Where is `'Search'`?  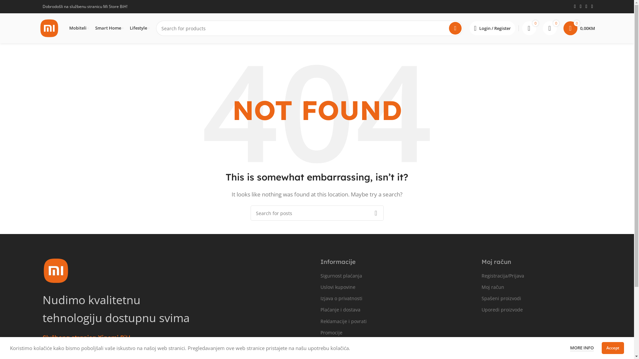
'Search' is located at coordinates (455, 28).